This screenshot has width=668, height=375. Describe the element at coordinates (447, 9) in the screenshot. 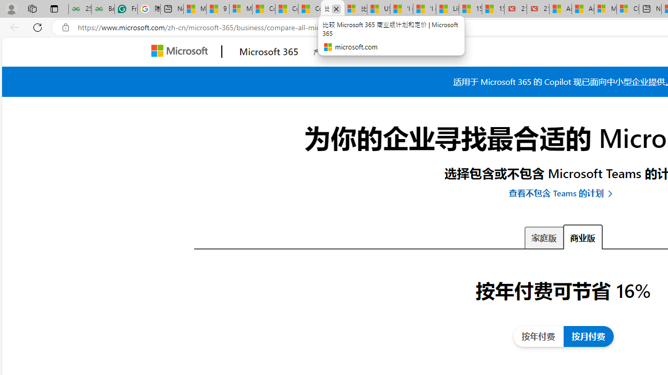

I see `'Lifestyle - MSN'` at that location.